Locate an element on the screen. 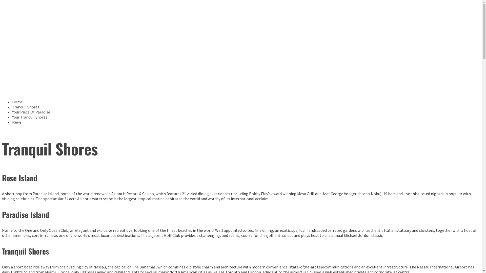 This screenshot has width=486, height=273. 'Your Piece Of Paradise' is located at coordinates (12, 112).